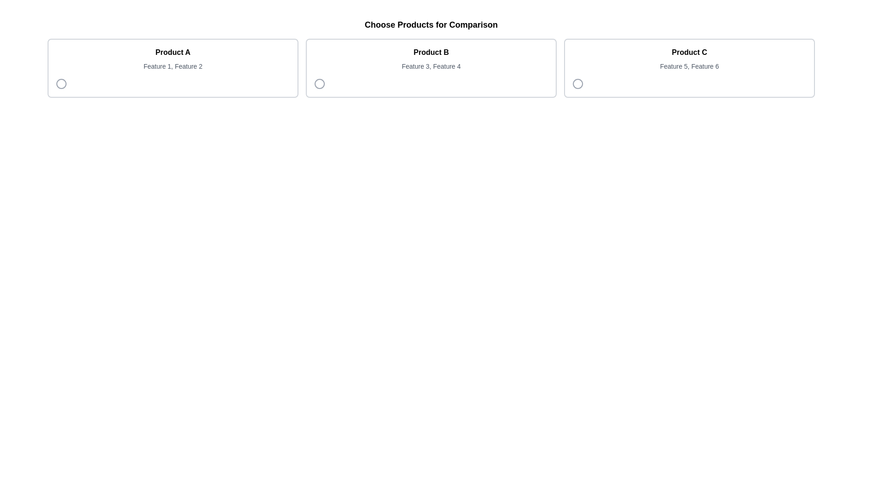 This screenshot has width=887, height=498. What do you see at coordinates (431, 53) in the screenshot?
I see `the text label 'Product B', which is styled with bold text and located at the center of the card above the description text` at bounding box center [431, 53].